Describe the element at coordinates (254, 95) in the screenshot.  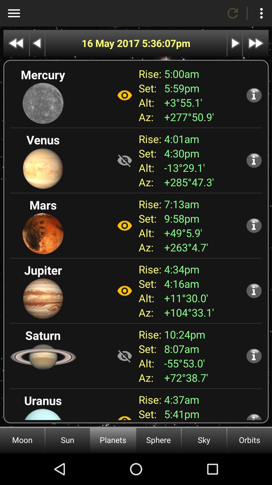
I see `additional information` at that location.